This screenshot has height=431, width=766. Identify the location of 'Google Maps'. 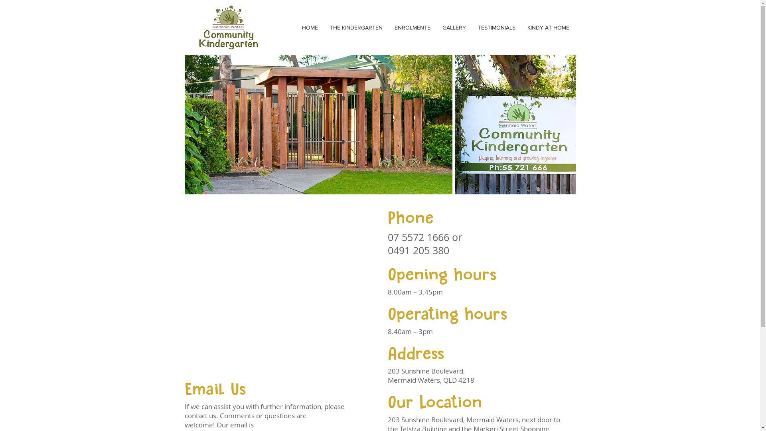
(185, 290).